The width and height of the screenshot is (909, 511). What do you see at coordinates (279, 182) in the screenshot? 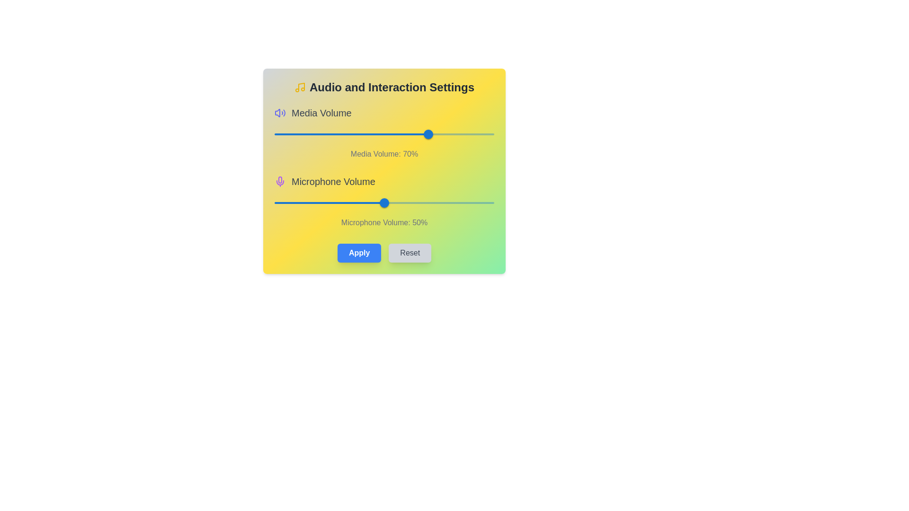
I see `the decorative microphone icon located to the left of the 'Microphone Volume' text in the audio settings section` at bounding box center [279, 182].